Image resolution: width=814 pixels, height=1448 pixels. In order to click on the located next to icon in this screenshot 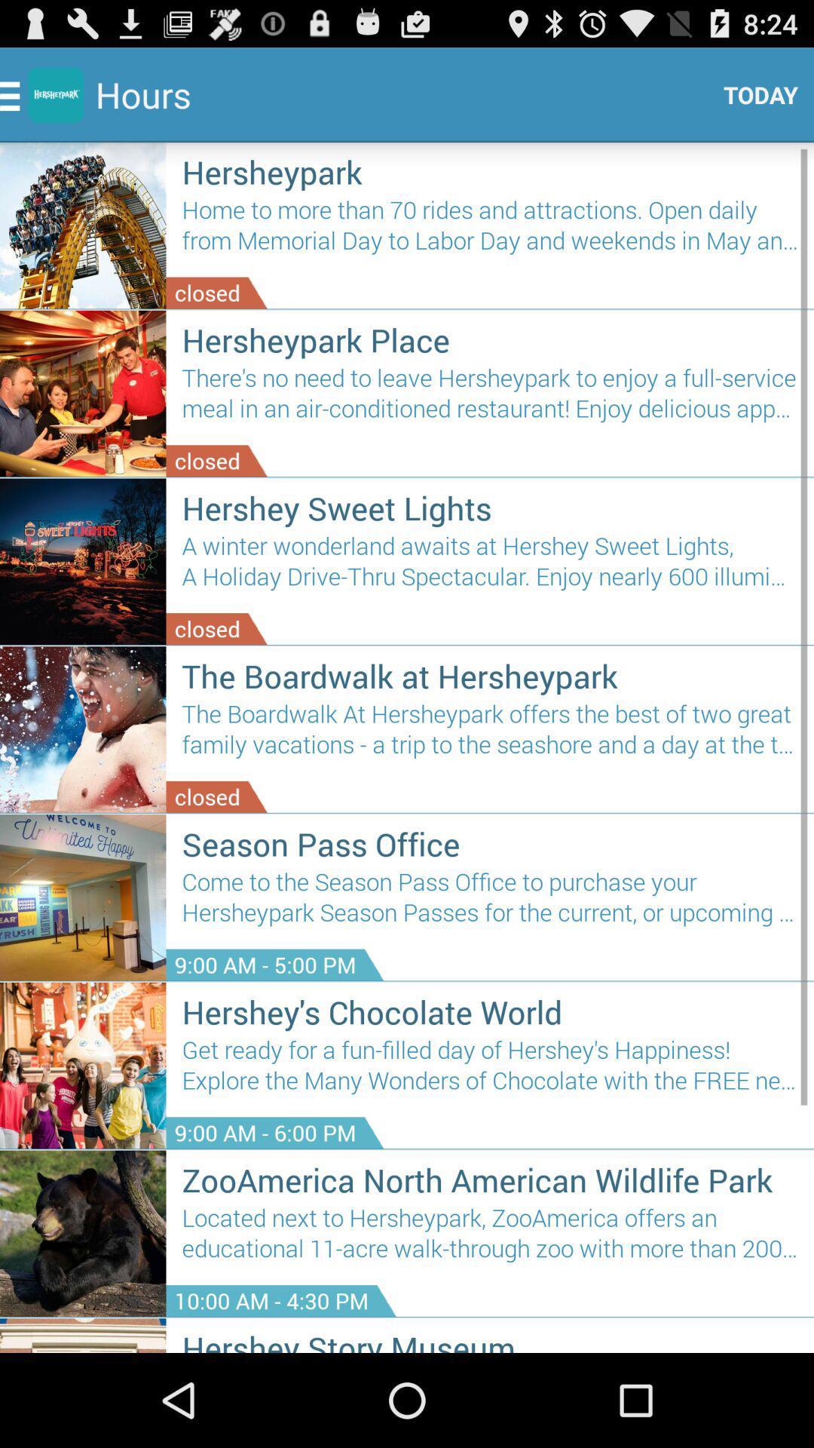, I will do `click(490, 1239)`.